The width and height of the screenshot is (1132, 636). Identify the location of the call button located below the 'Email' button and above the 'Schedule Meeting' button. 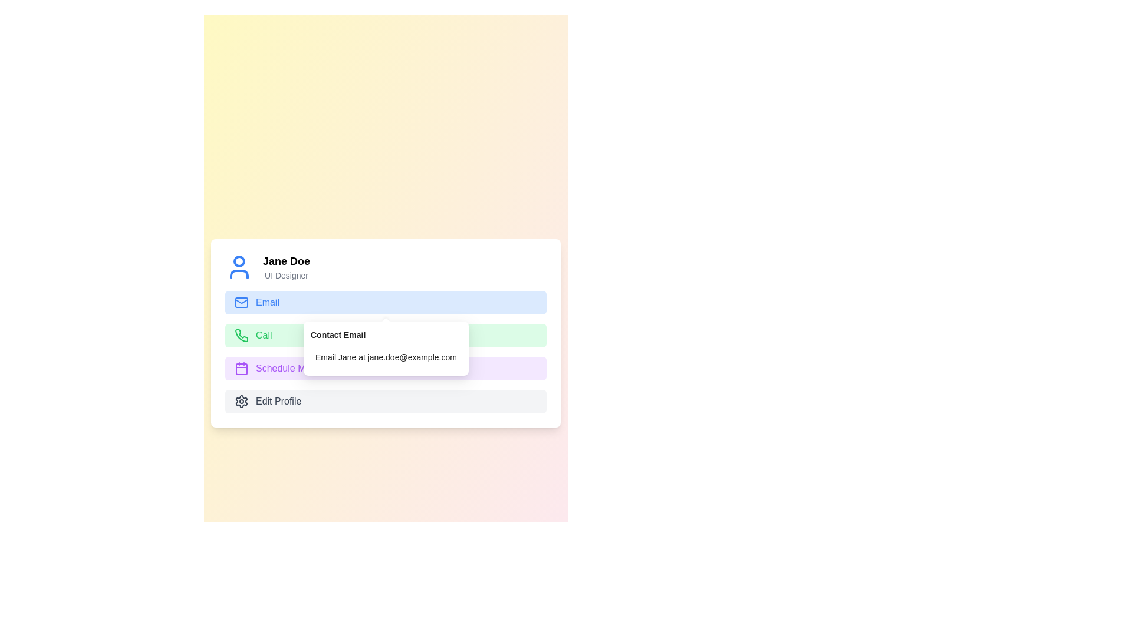
(386, 336).